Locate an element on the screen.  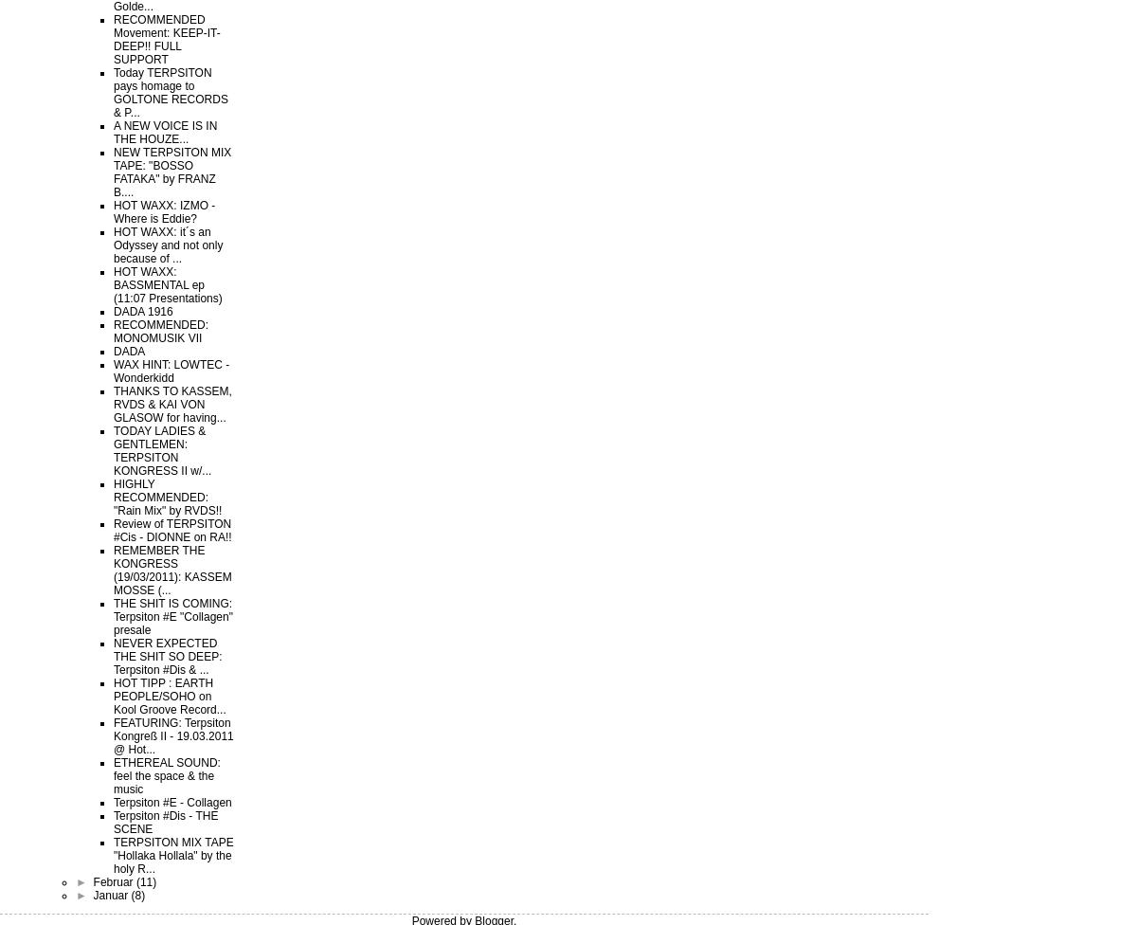
'DADA 1916' is located at coordinates (142, 312).